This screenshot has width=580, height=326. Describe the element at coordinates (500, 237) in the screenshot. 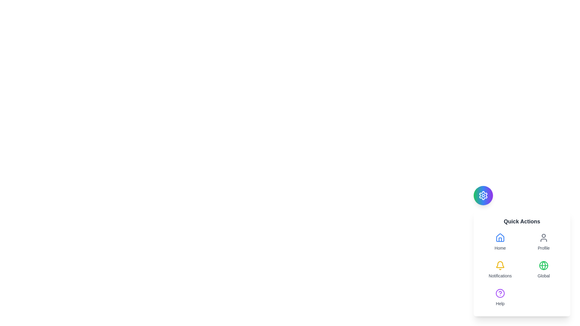

I see `the blue house icon in the Quick Actions menu` at that location.